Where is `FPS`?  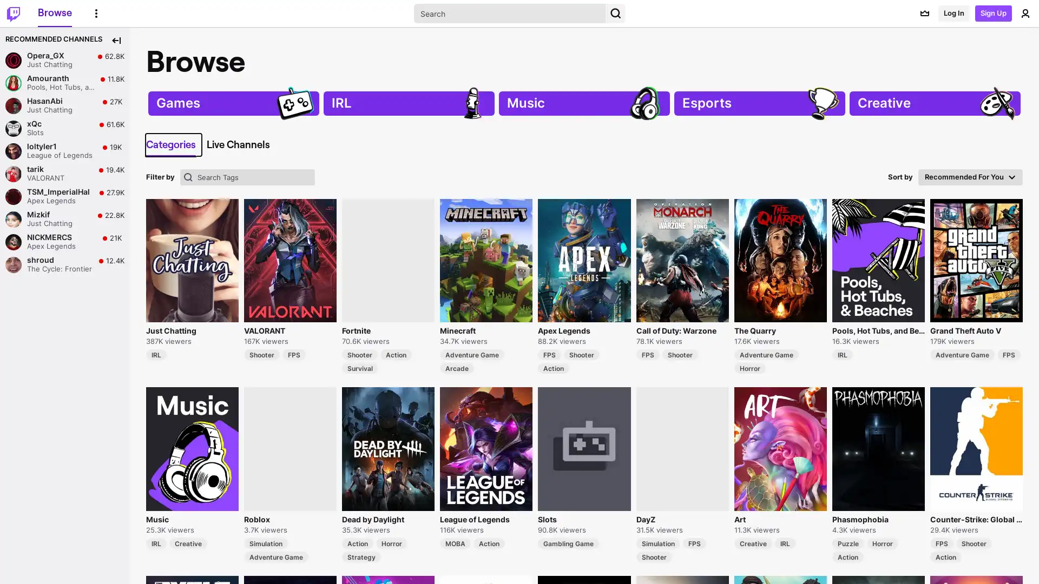
FPS is located at coordinates (647, 354).